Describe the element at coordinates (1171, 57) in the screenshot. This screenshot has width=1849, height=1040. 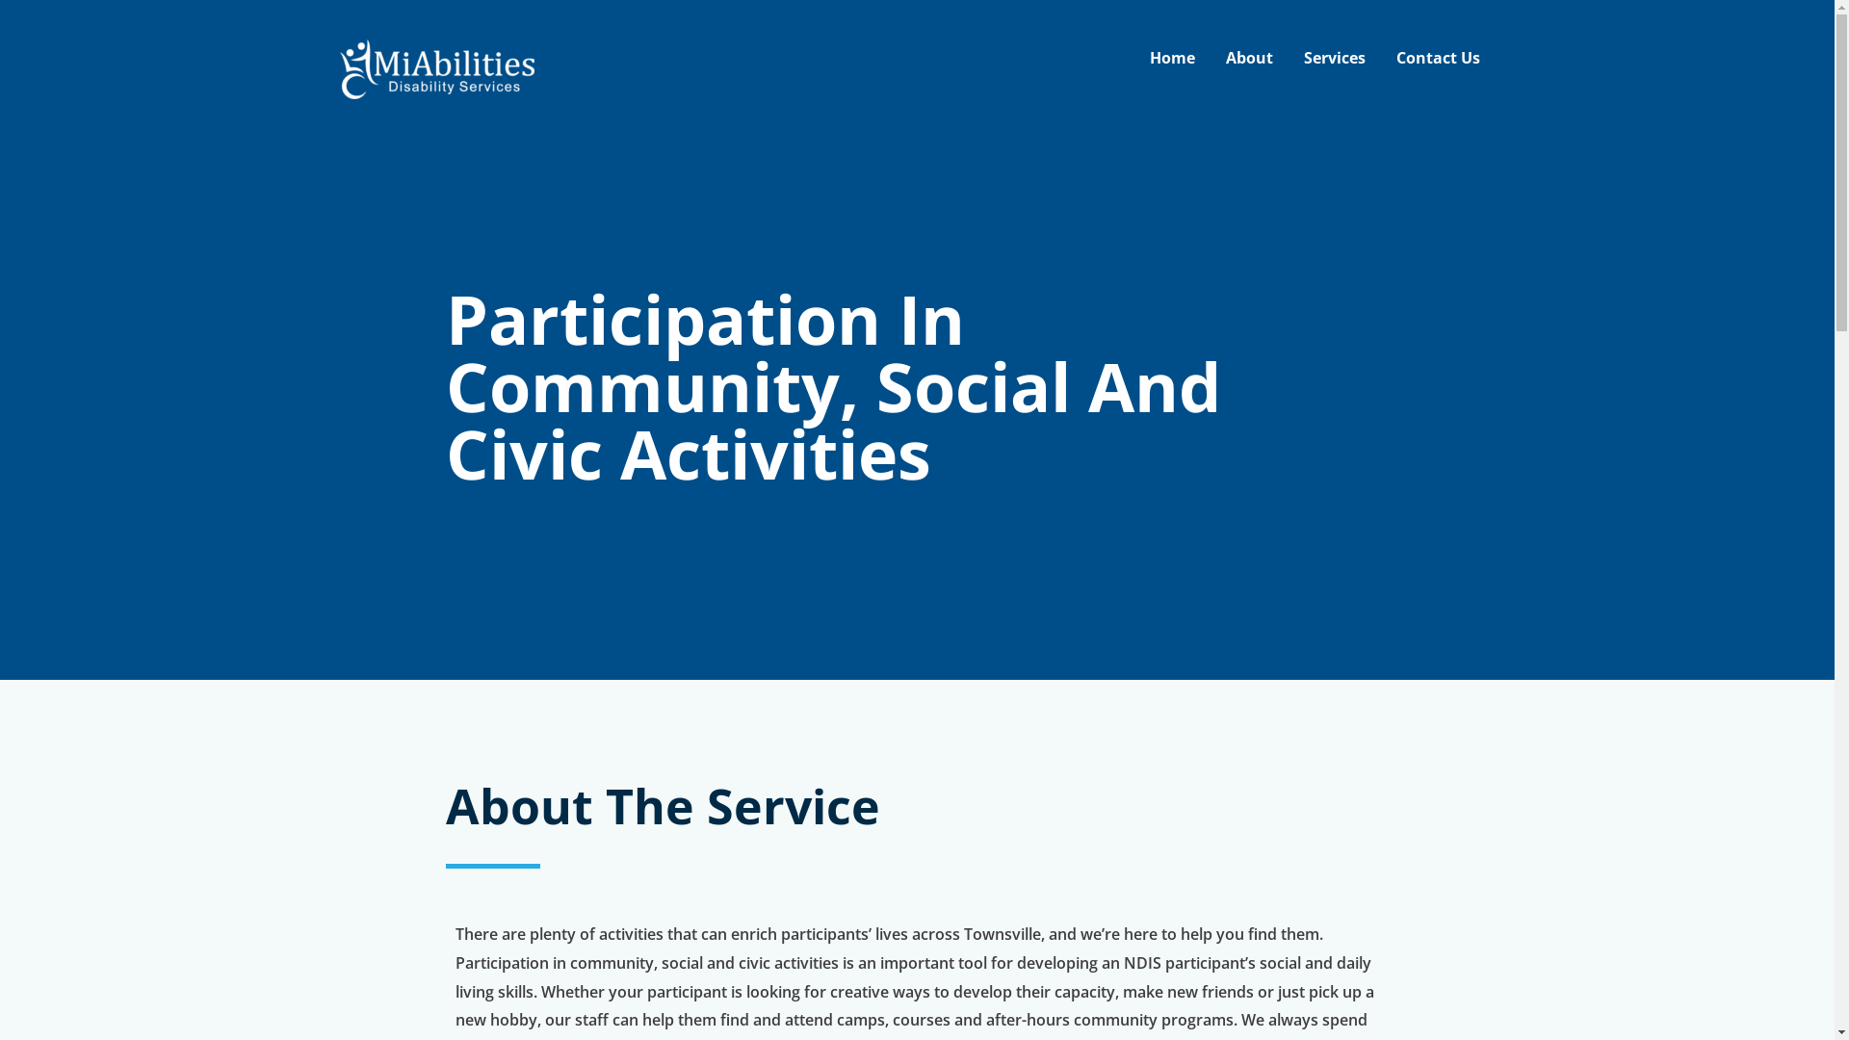
I see `'Home'` at that location.